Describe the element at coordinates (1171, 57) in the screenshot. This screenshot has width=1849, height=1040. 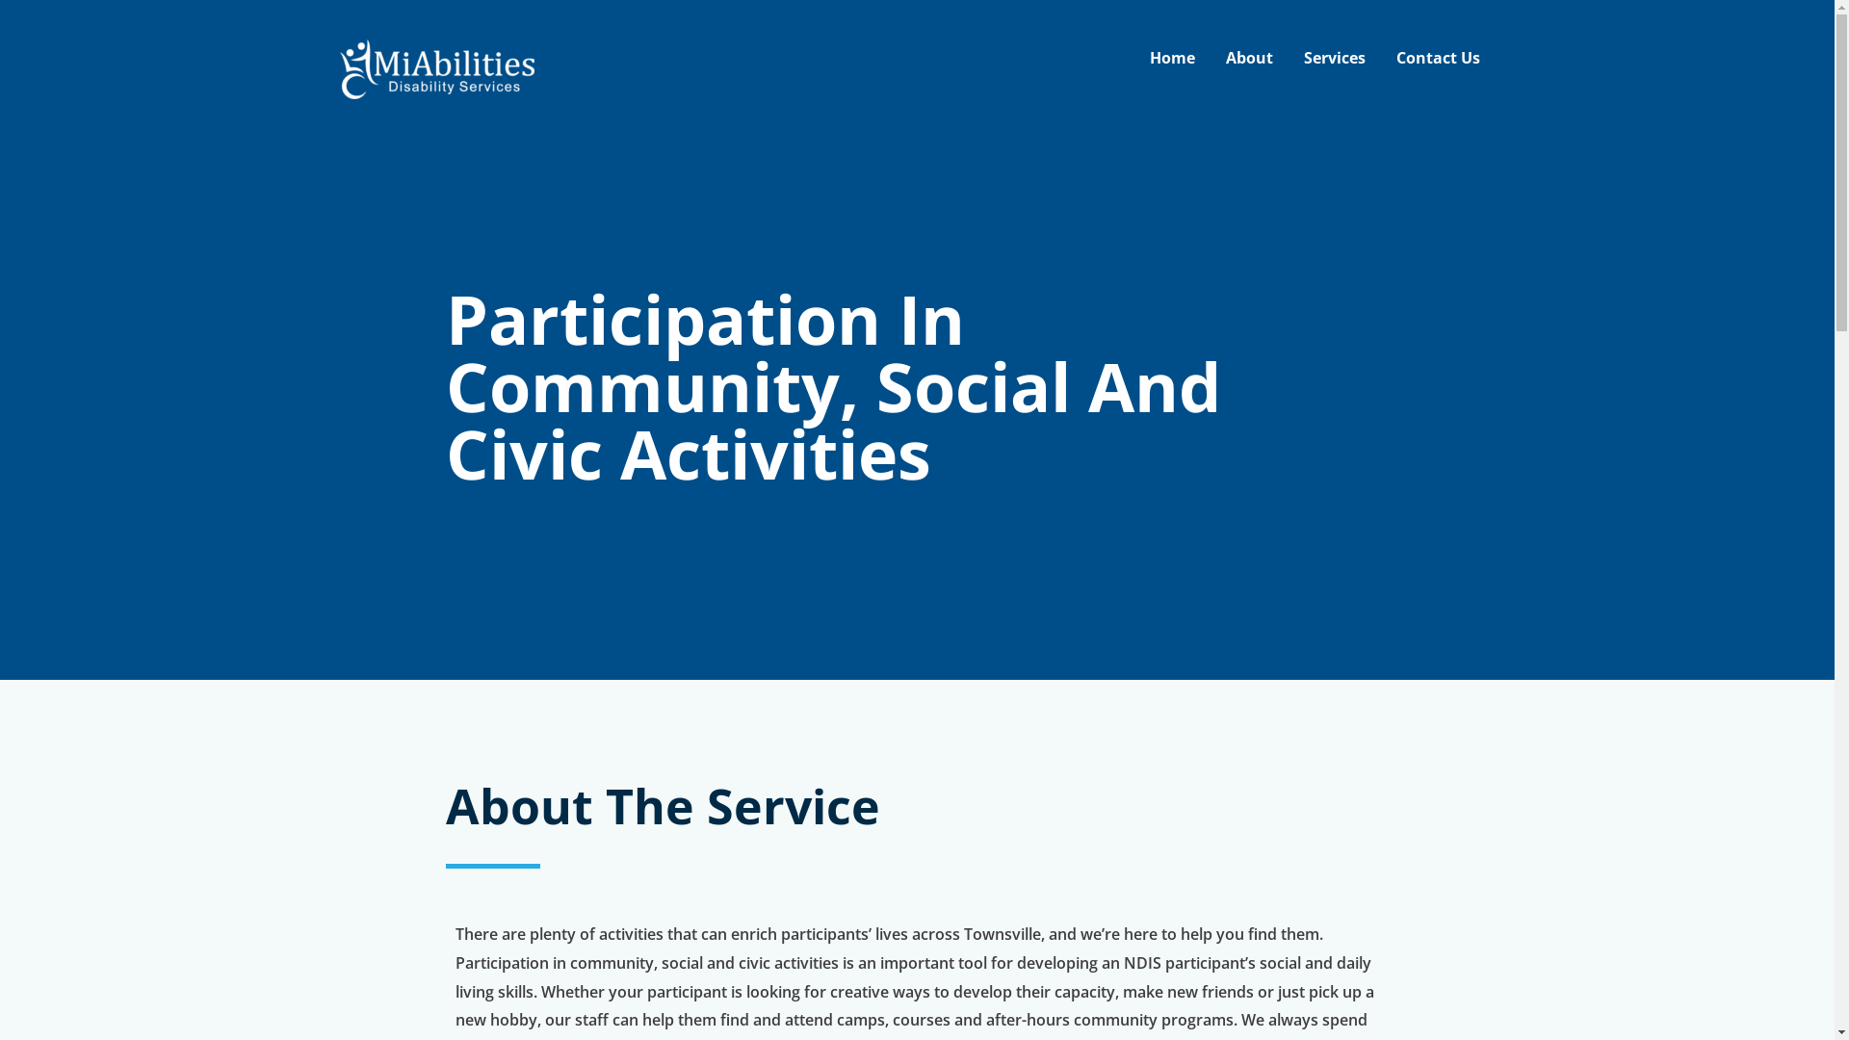
I see `'Home'` at that location.